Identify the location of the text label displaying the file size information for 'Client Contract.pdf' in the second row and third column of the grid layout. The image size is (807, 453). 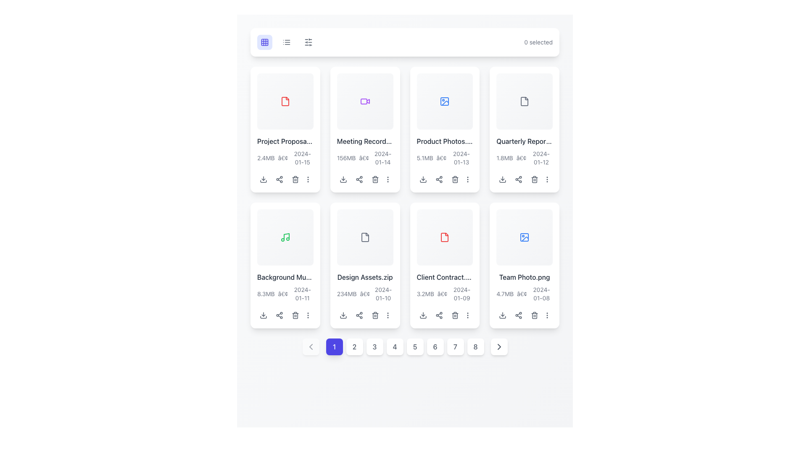
(425, 293).